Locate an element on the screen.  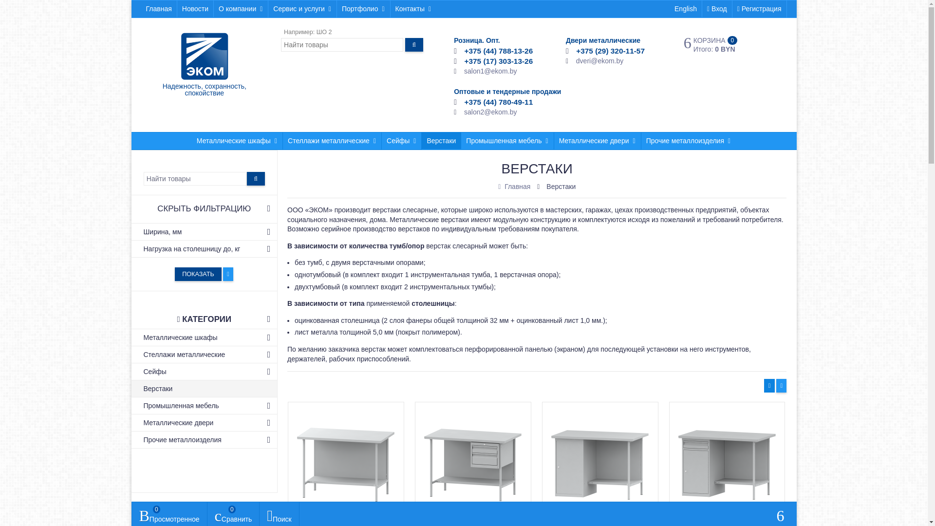
'+375 (29) 320-11-57' is located at coordinates (610, 51).